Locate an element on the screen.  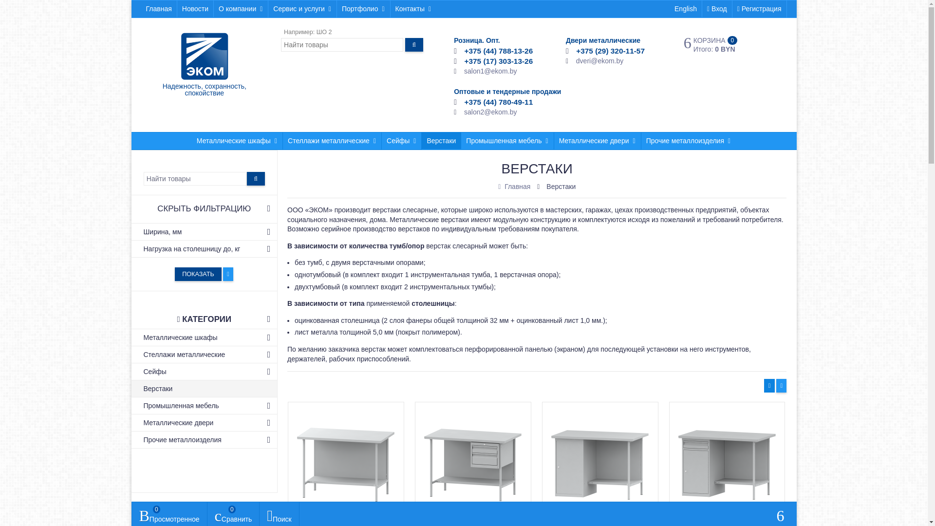
'+375 (29) 320-11-57' is located at coordinates (610, 51).